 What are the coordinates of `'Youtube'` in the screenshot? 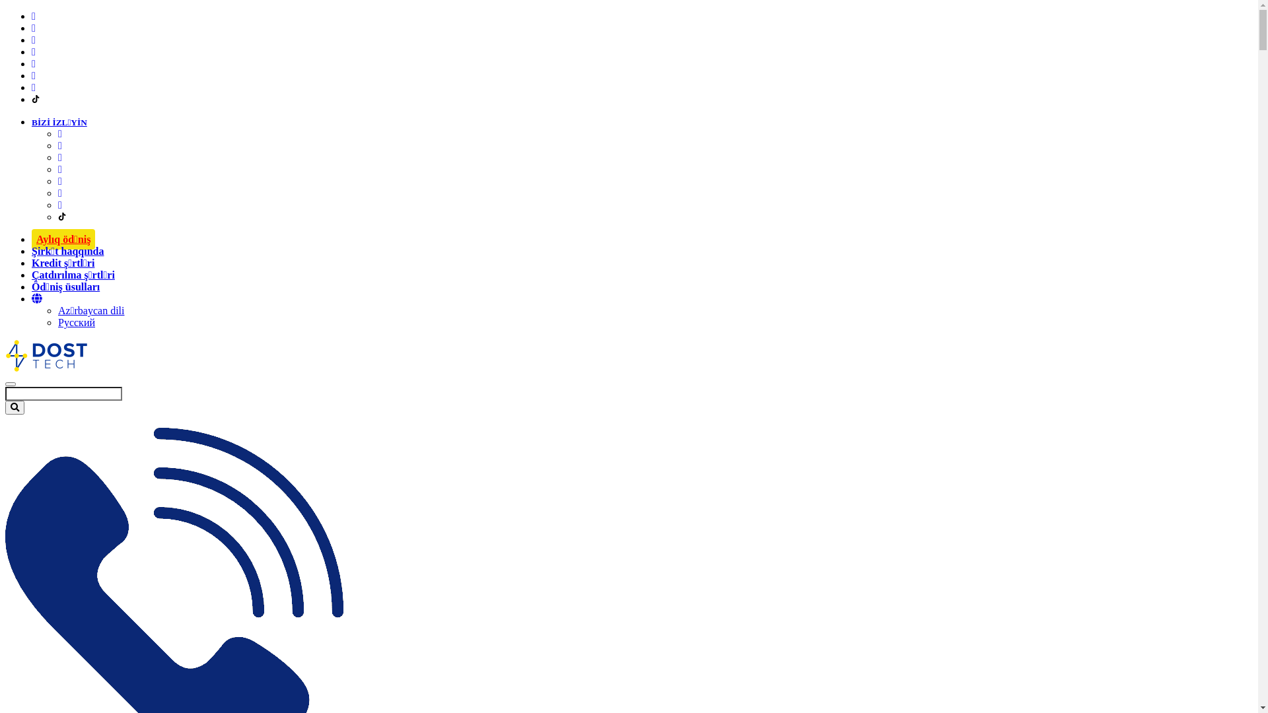 It's located at (34, 51).